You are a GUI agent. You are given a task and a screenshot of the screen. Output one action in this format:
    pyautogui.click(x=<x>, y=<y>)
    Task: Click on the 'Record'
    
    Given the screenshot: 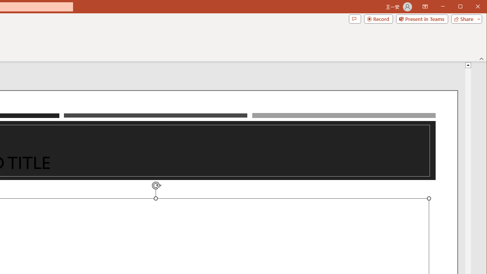 What is the action you would take?
    pyautogui.click(x=379, y=19)
    